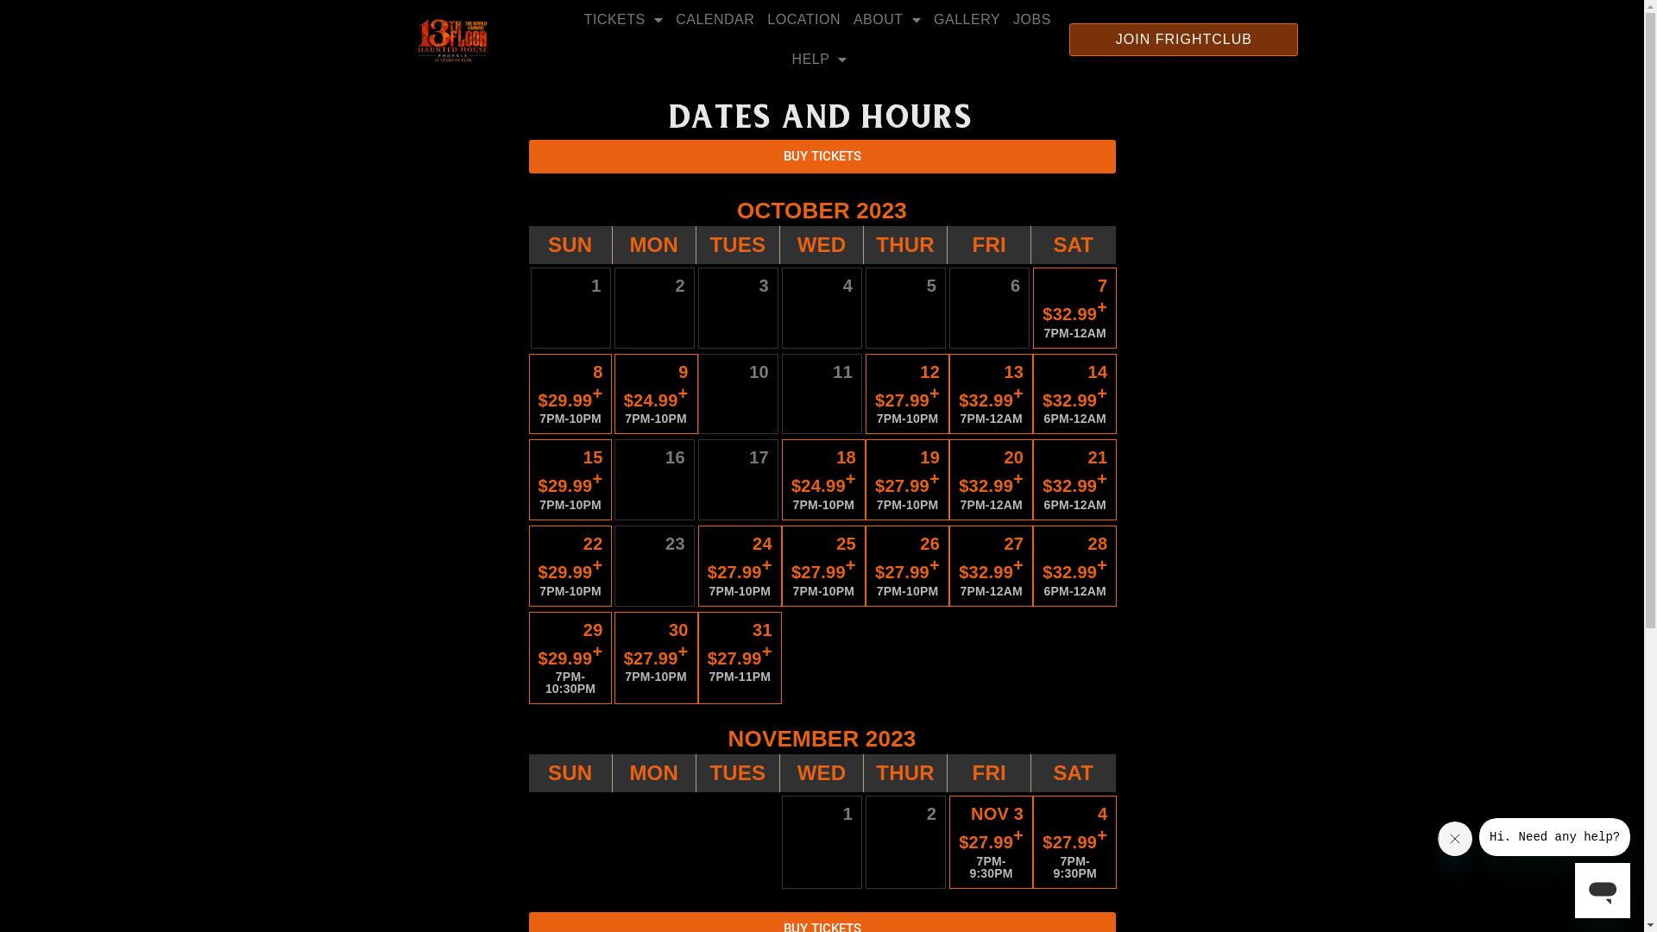  What do you see at coordinates (623, 20) in the screenshot?
I see `'TICKETS'` at bounding box center [623, 20].